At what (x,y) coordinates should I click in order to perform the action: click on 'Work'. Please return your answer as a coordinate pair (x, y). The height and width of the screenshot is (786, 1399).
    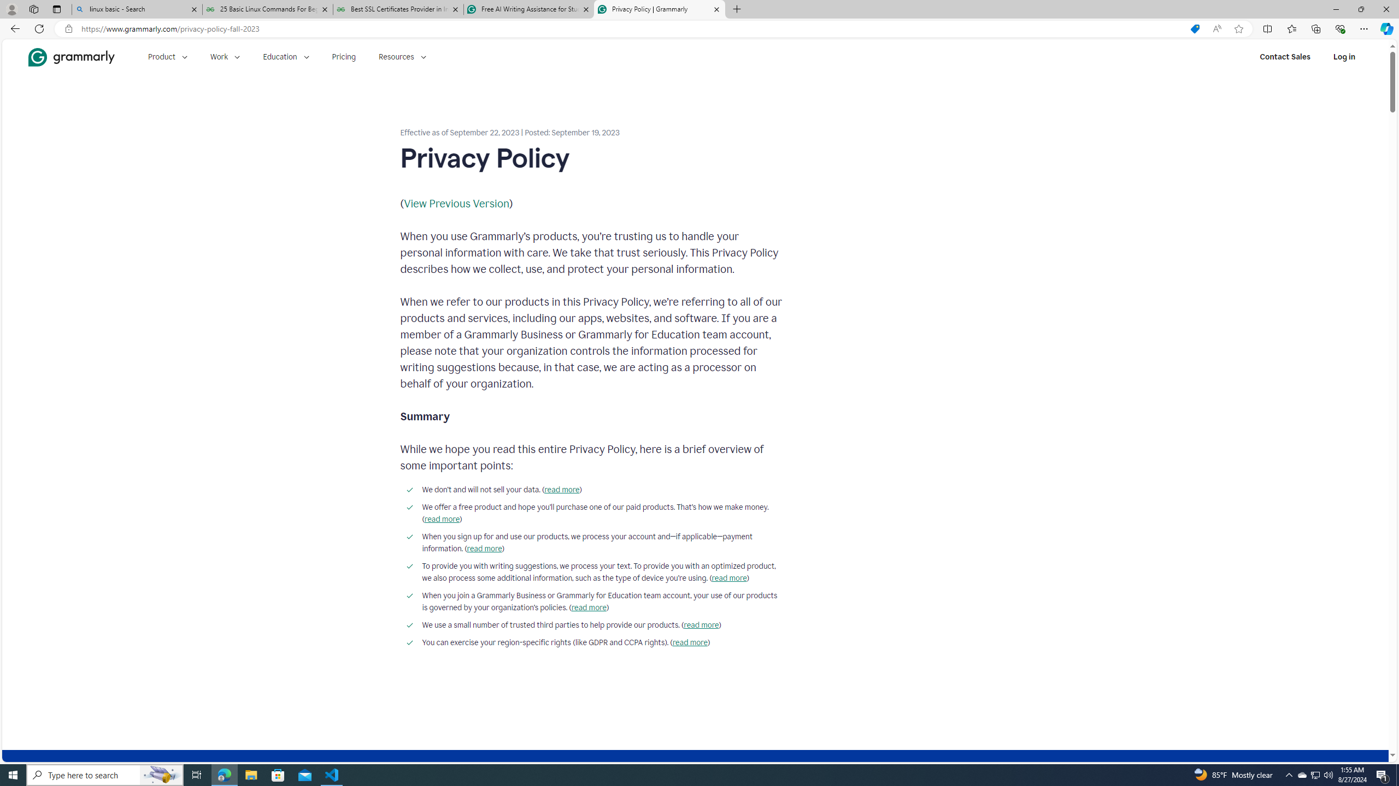
    Looking at the image, I should click on (225, 56).